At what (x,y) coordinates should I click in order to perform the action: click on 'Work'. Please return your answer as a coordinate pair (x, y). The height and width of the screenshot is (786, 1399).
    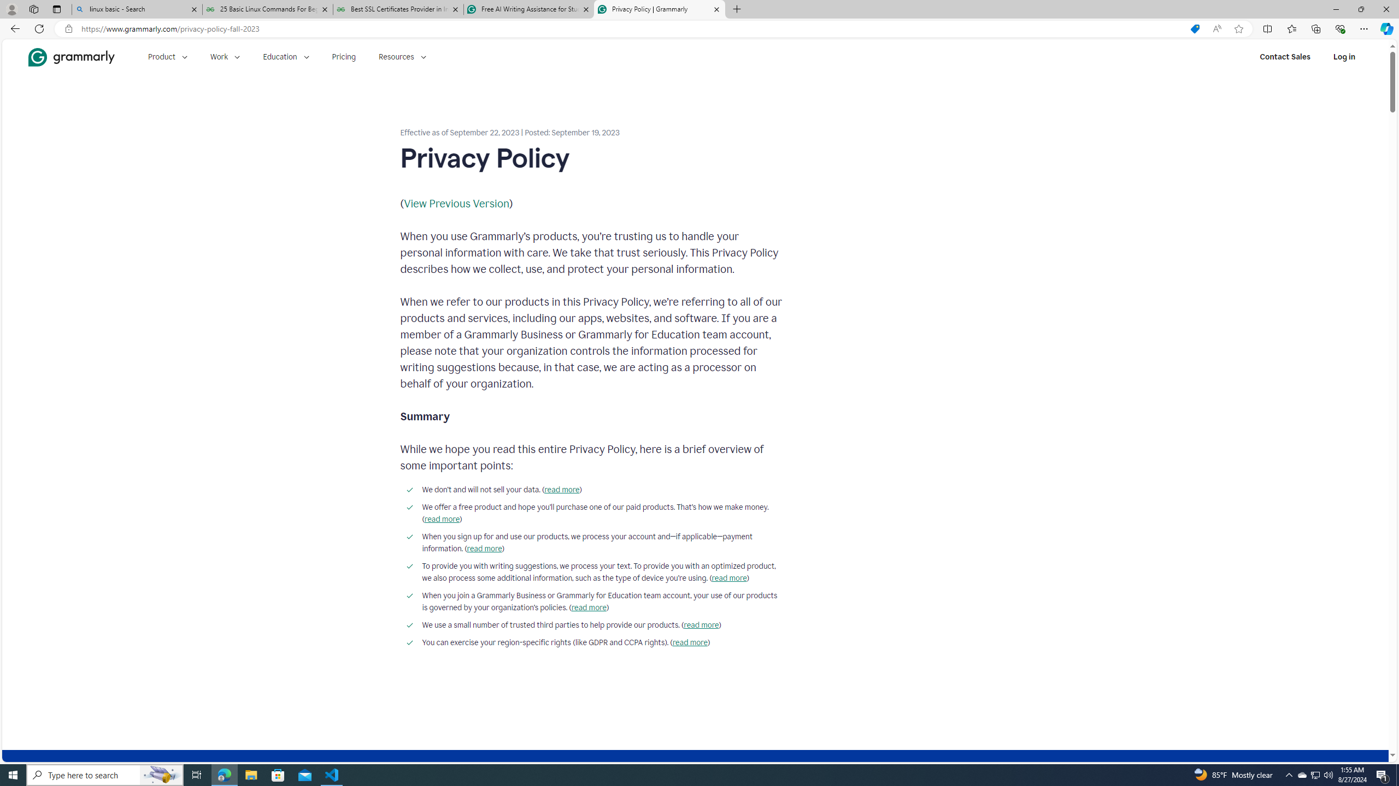
    Looking at the image, I should click on (225, 56).